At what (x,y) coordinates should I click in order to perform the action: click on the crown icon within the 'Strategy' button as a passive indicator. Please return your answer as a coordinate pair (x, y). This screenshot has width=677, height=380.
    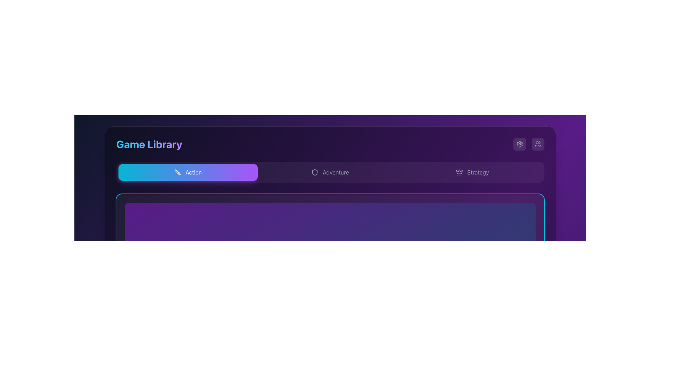
    Looking at the image, I should click on (459, 172).